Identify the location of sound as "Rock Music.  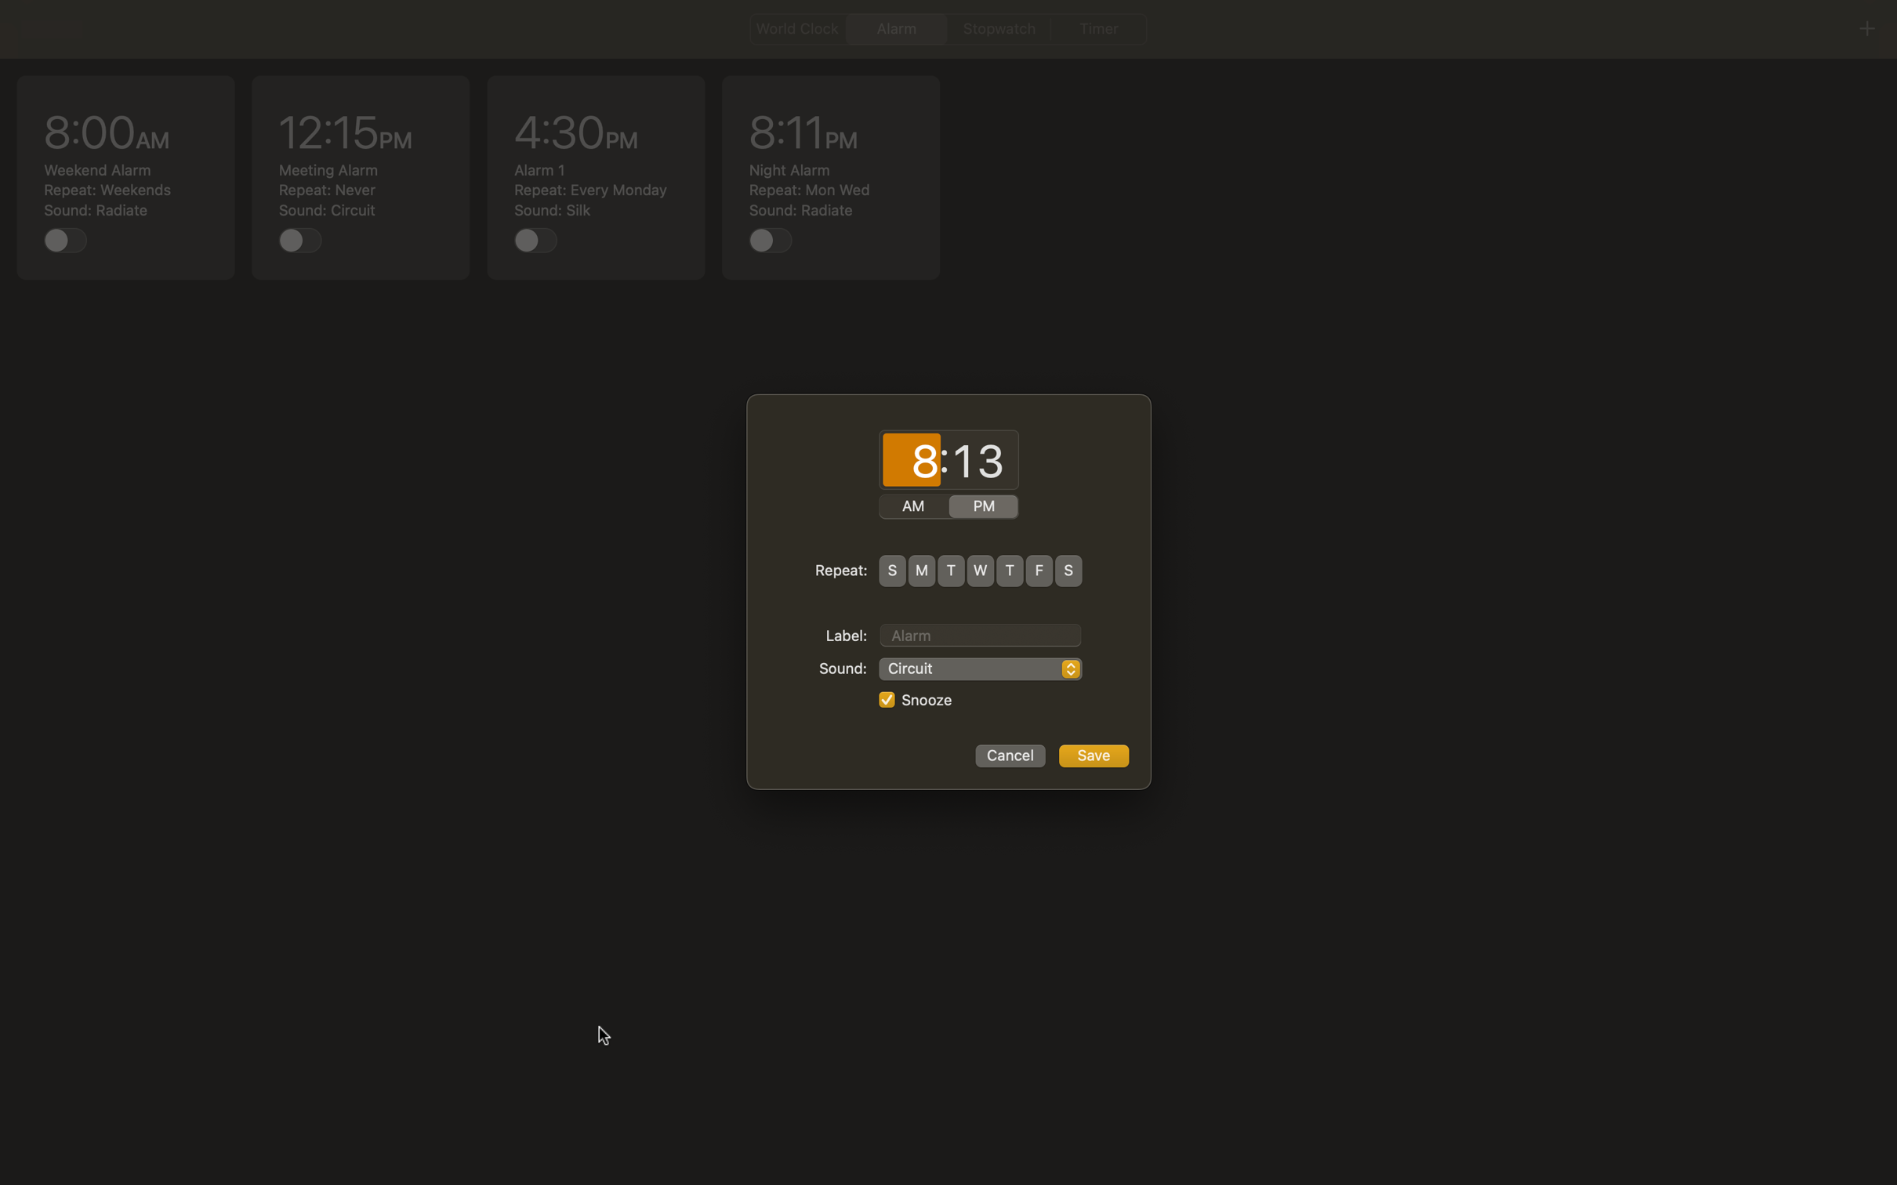
(980, 669).